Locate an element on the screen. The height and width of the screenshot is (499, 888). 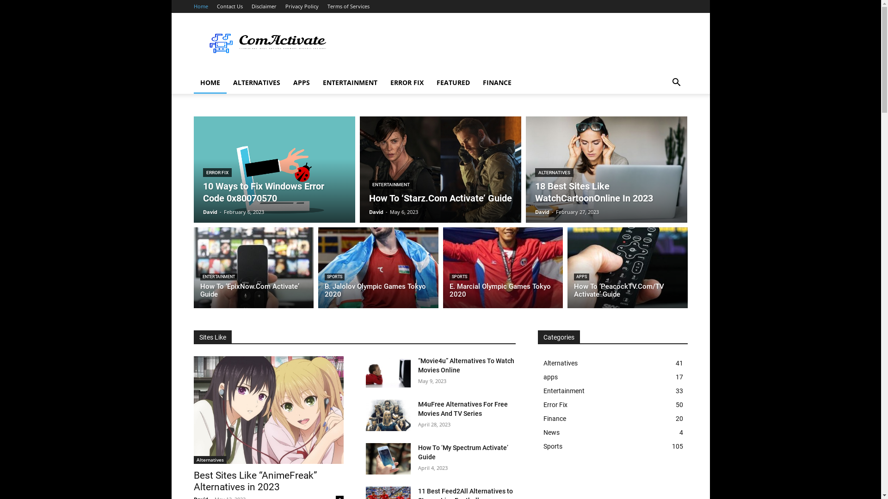
'Alternatives is located at coordinates (612, 363).